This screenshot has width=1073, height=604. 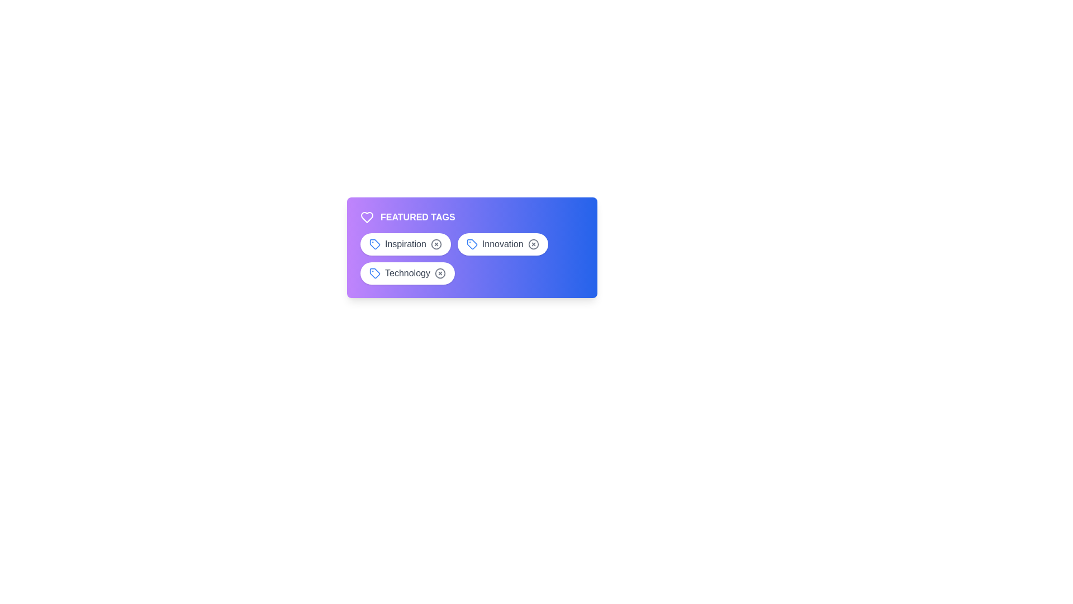 I want to click on the favorite or love icon located in the 'FEATURED TAGS' section, so click(x=367, y=218).